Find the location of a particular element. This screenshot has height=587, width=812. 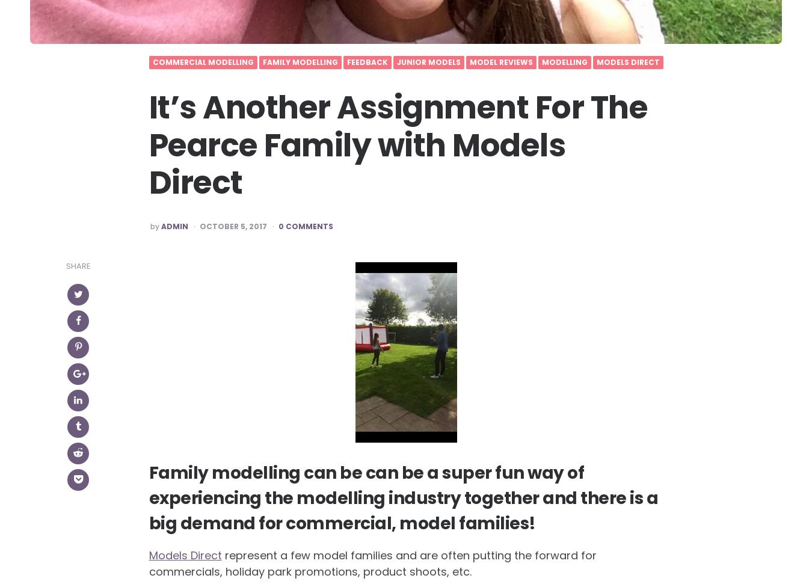

'share' is located at coordinates (64, 265).